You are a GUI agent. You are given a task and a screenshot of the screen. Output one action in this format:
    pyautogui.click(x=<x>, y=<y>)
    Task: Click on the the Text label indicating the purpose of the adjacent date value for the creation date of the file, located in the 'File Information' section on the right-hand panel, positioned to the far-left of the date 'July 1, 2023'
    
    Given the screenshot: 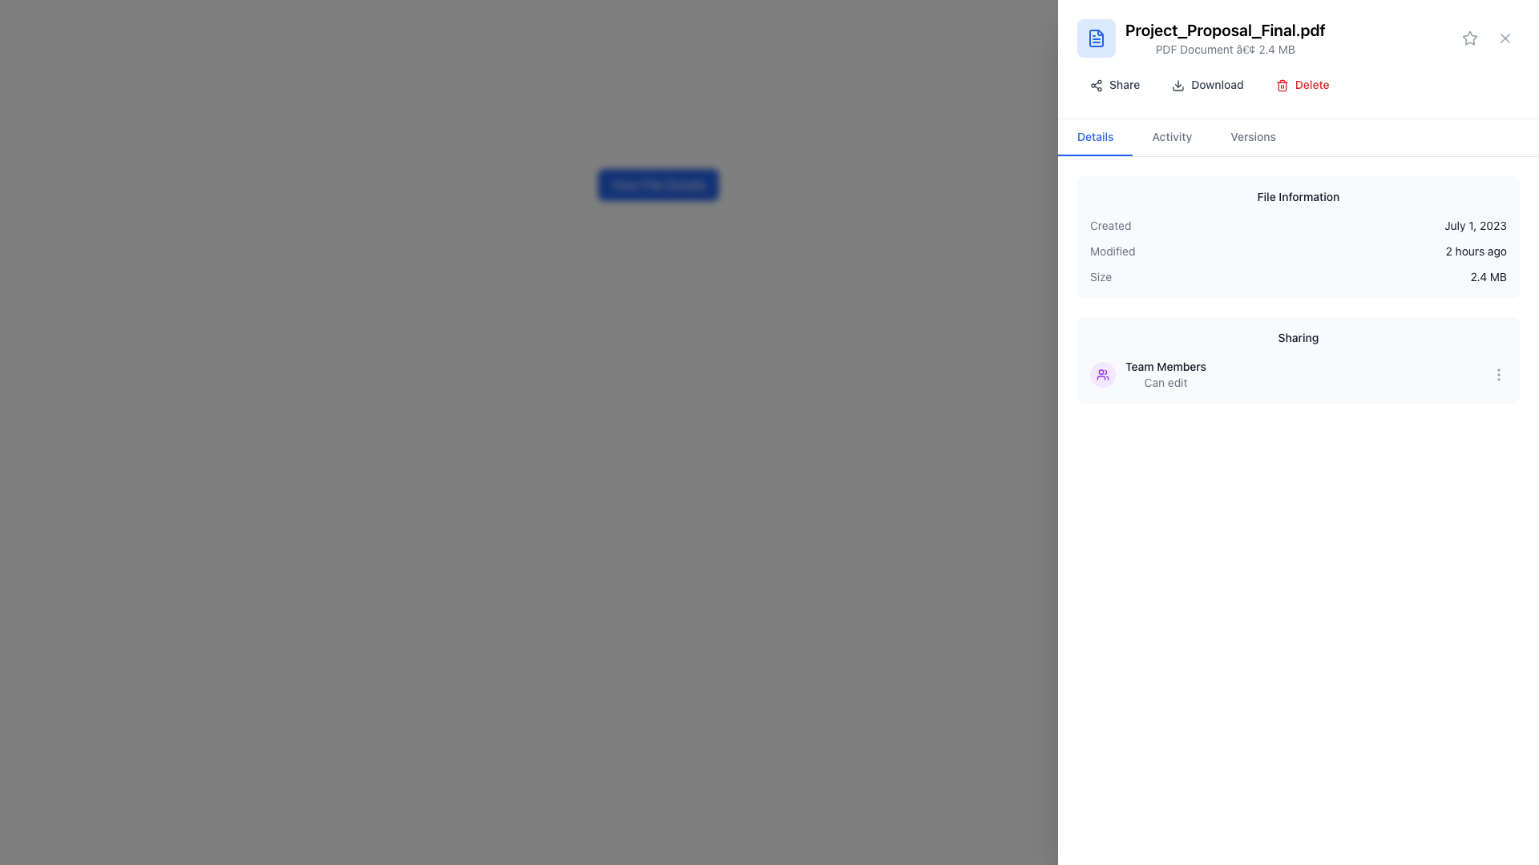 What is the action you would take?
    pyautogui.click(x=1109, y=225)
    